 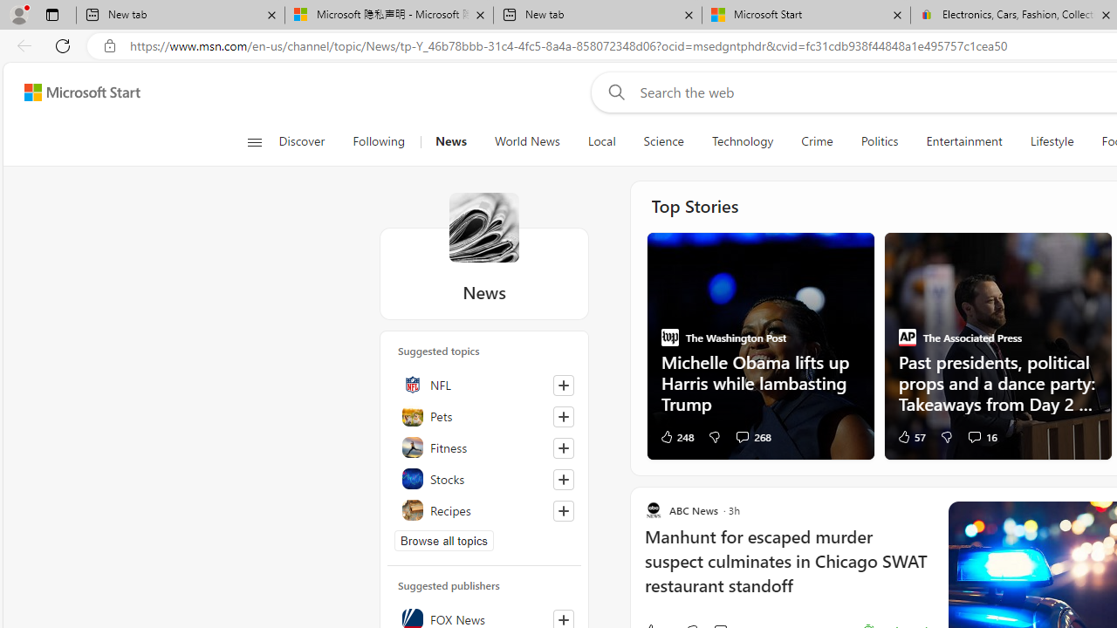 What do you see at coordinates (742, 435) in the screenshot?
I see `'View comments 268 Comment'` at bounding box center [742, 435].